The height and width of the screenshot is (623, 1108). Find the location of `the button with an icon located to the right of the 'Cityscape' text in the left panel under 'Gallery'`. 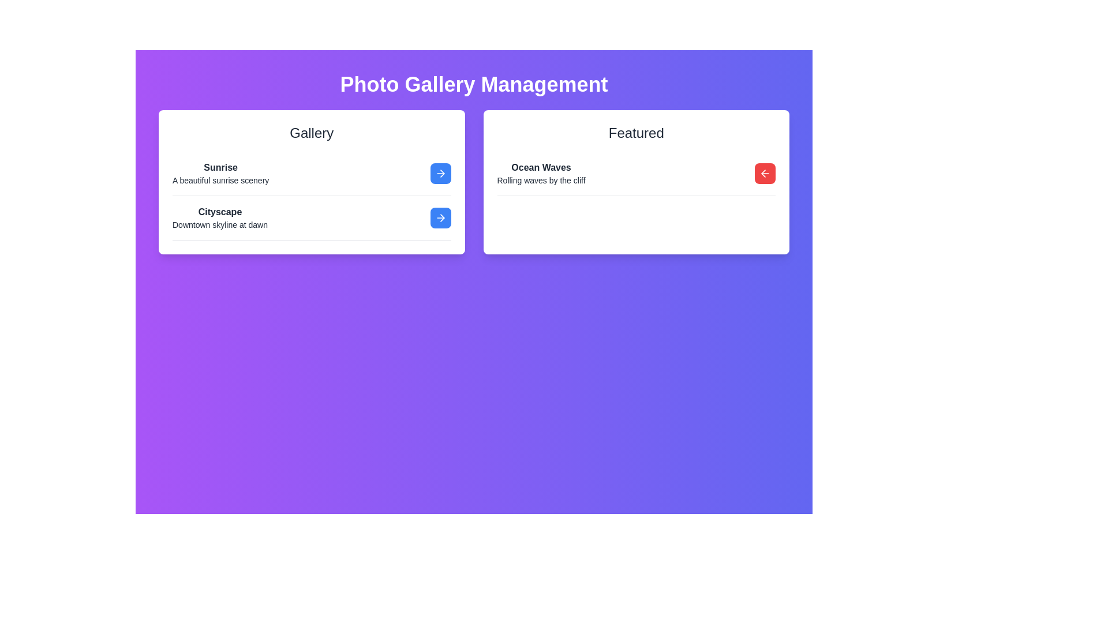

the button with an icon located to the right of the 'Cityscape' text in the left panel under 'Gallery' is located at coordinates (440, 173).